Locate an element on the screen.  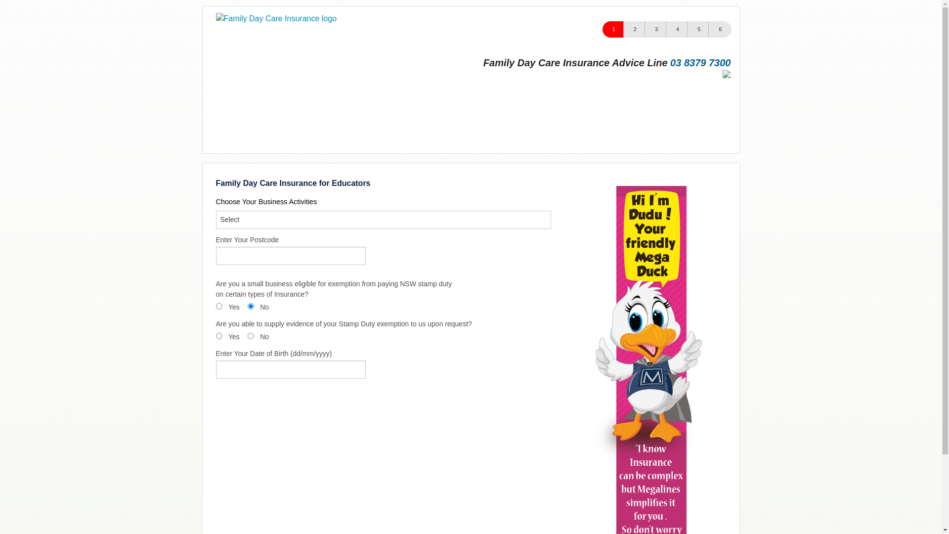
'Family Day Care Insurance logo' is located at coordinates (215, 19).